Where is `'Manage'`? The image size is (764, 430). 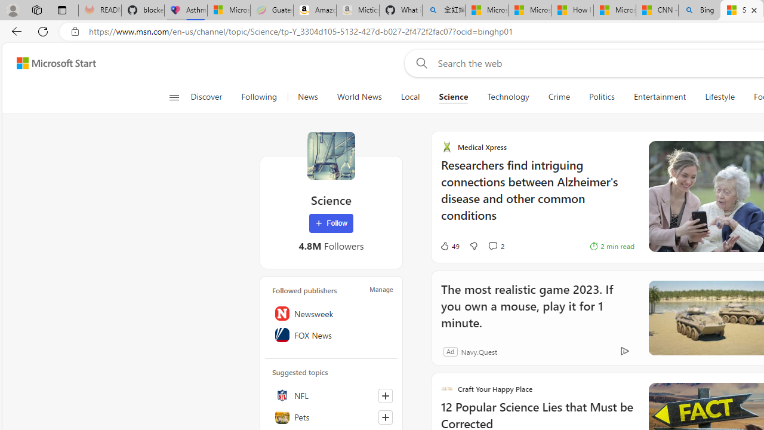 'Manage' is located at coordinates (381, 289).